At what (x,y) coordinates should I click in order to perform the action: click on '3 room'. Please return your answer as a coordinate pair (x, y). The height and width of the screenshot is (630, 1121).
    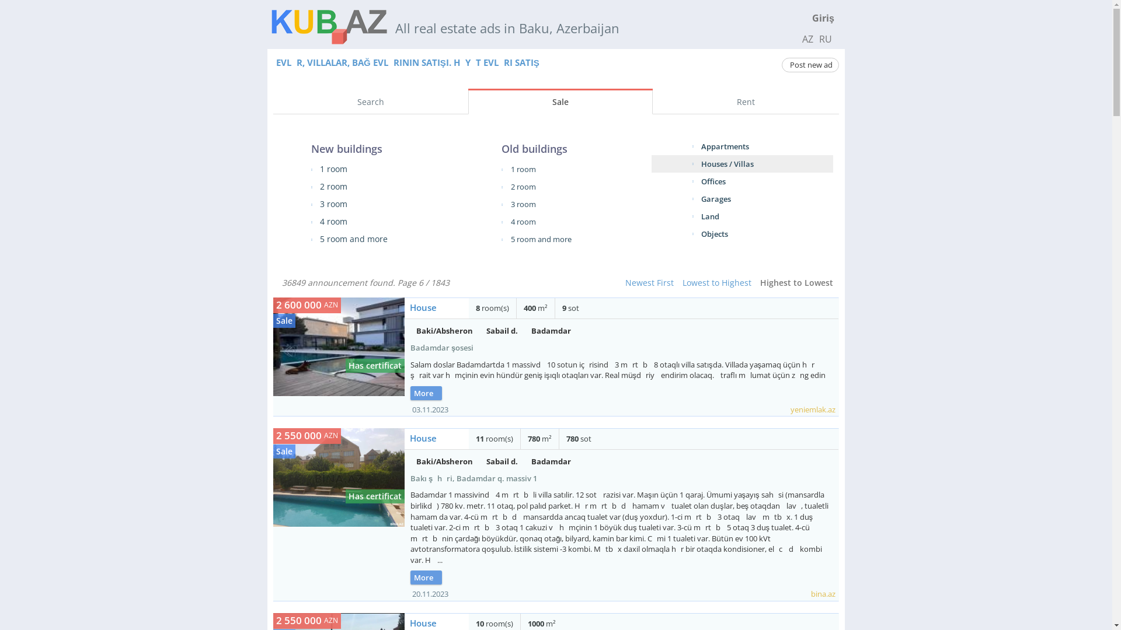
    Looking at the image, I should click on (333, 203).